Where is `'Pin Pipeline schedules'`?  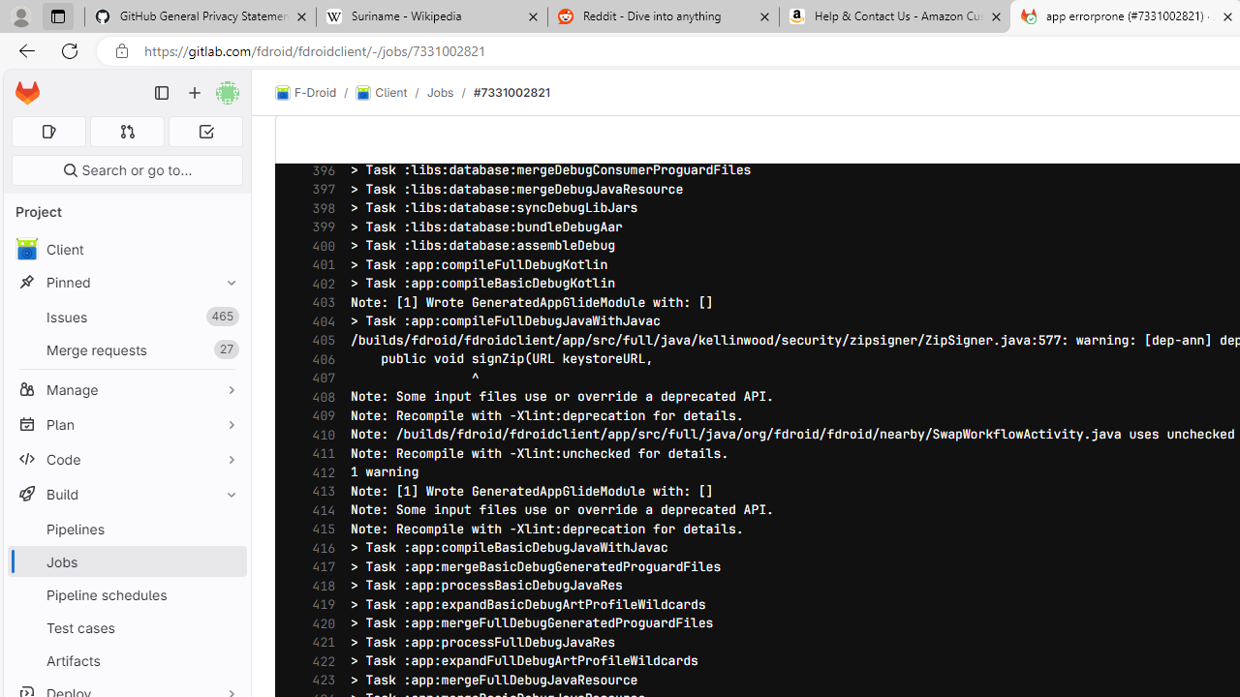 'Pin Pipeline schedules' is located at coordinates (227, 593).